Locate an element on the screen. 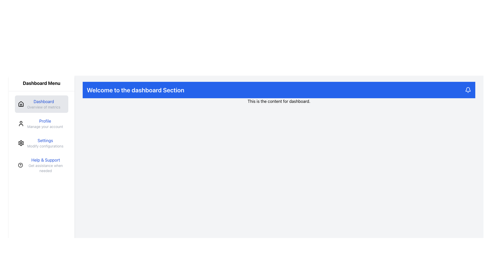  the third button in the sidebar menu is located at coordinates (42, 143).